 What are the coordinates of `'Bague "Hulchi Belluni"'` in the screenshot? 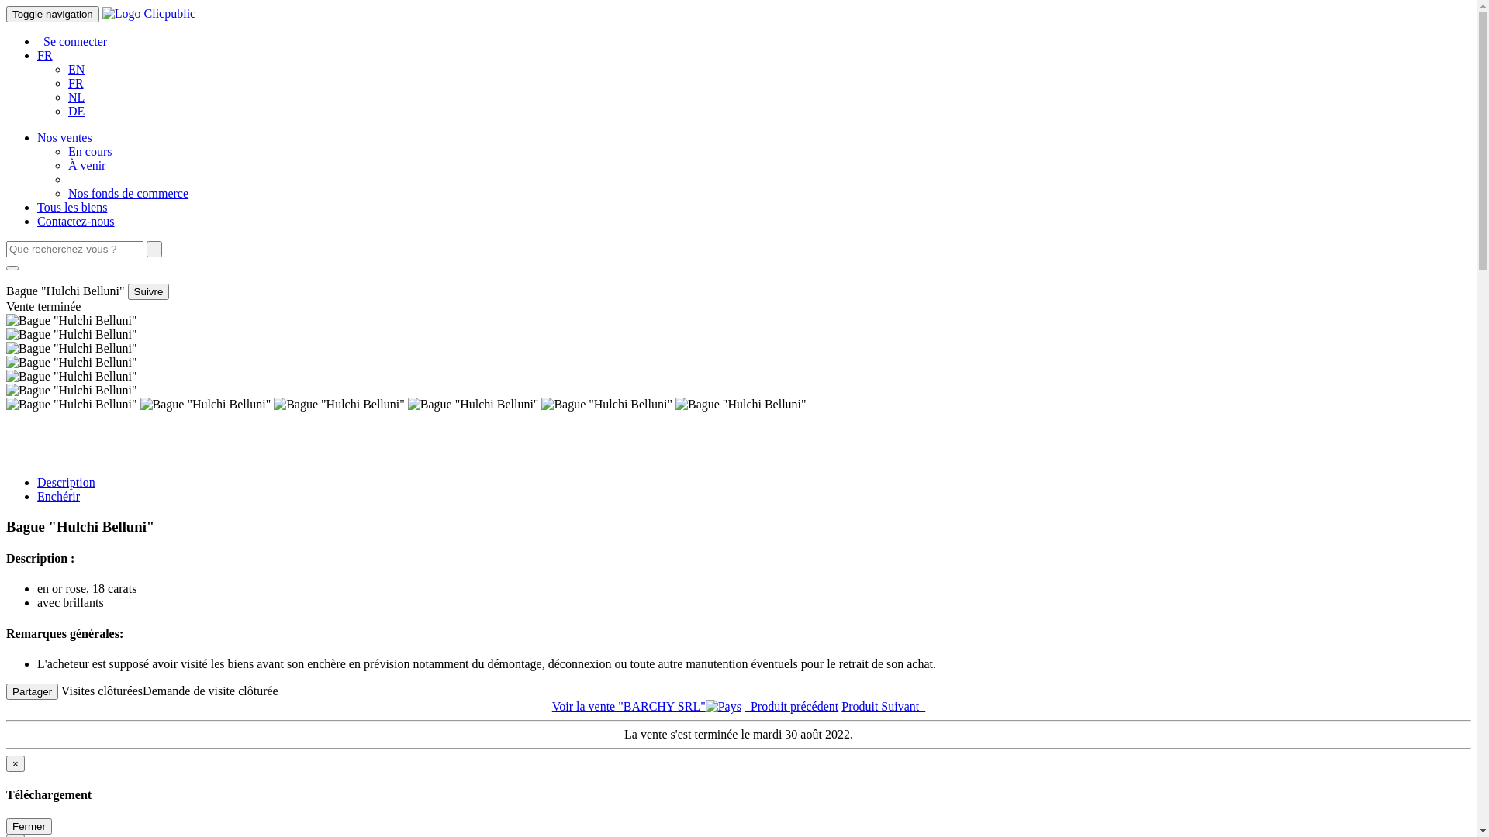 It's located at (6, 362).